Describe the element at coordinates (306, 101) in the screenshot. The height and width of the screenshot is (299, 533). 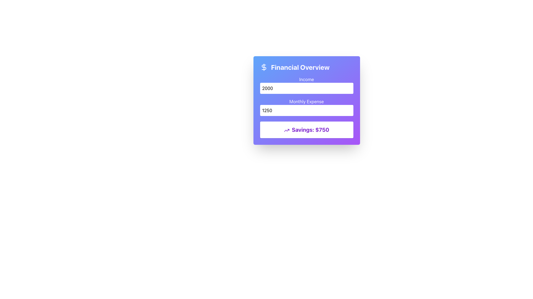
I see `the static text label indicating the purpose of the adjacent input field for monthly expenses, which is positioned below the 'Income' label and above the numeric input field` at that location.